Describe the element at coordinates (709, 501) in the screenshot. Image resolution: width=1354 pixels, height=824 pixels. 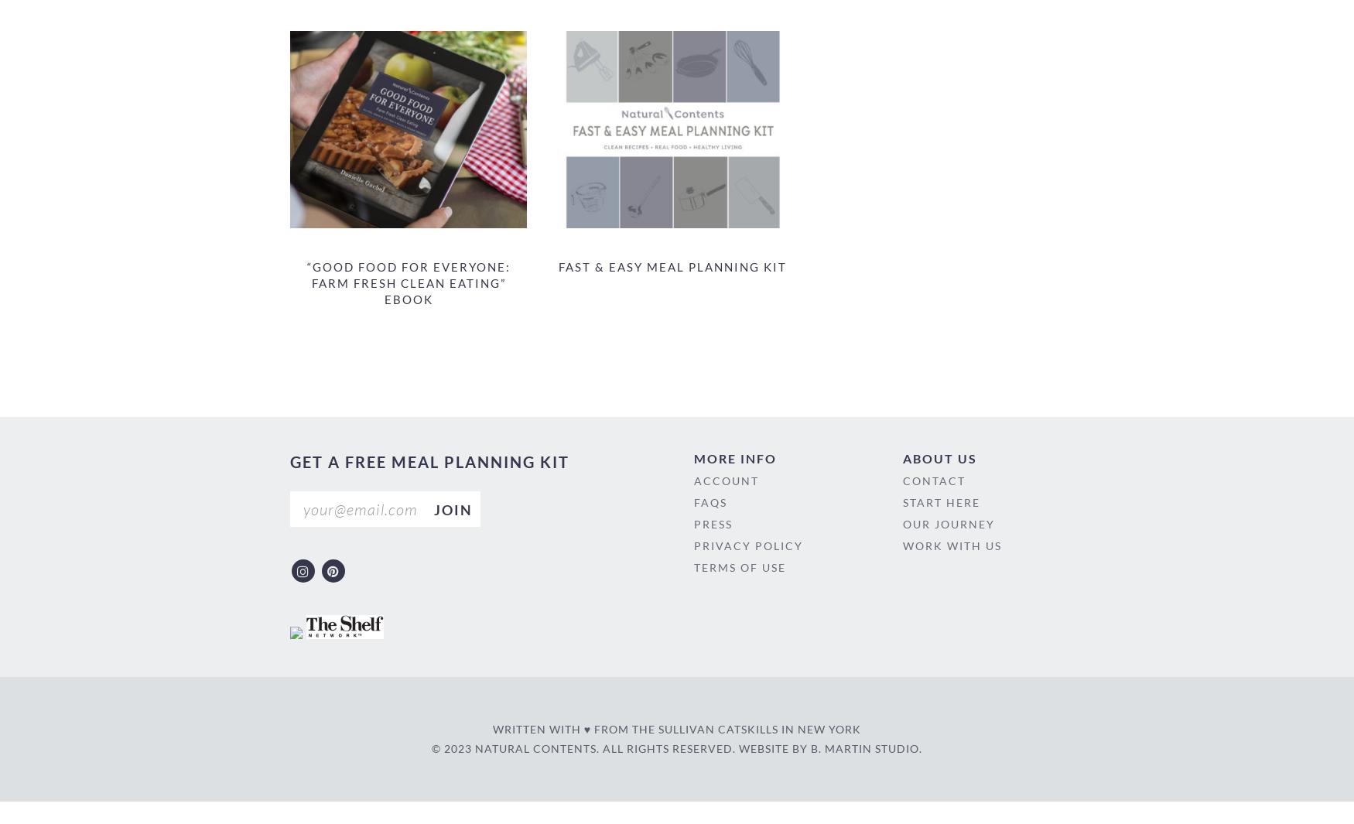
I see `'FAQs'` at that location.